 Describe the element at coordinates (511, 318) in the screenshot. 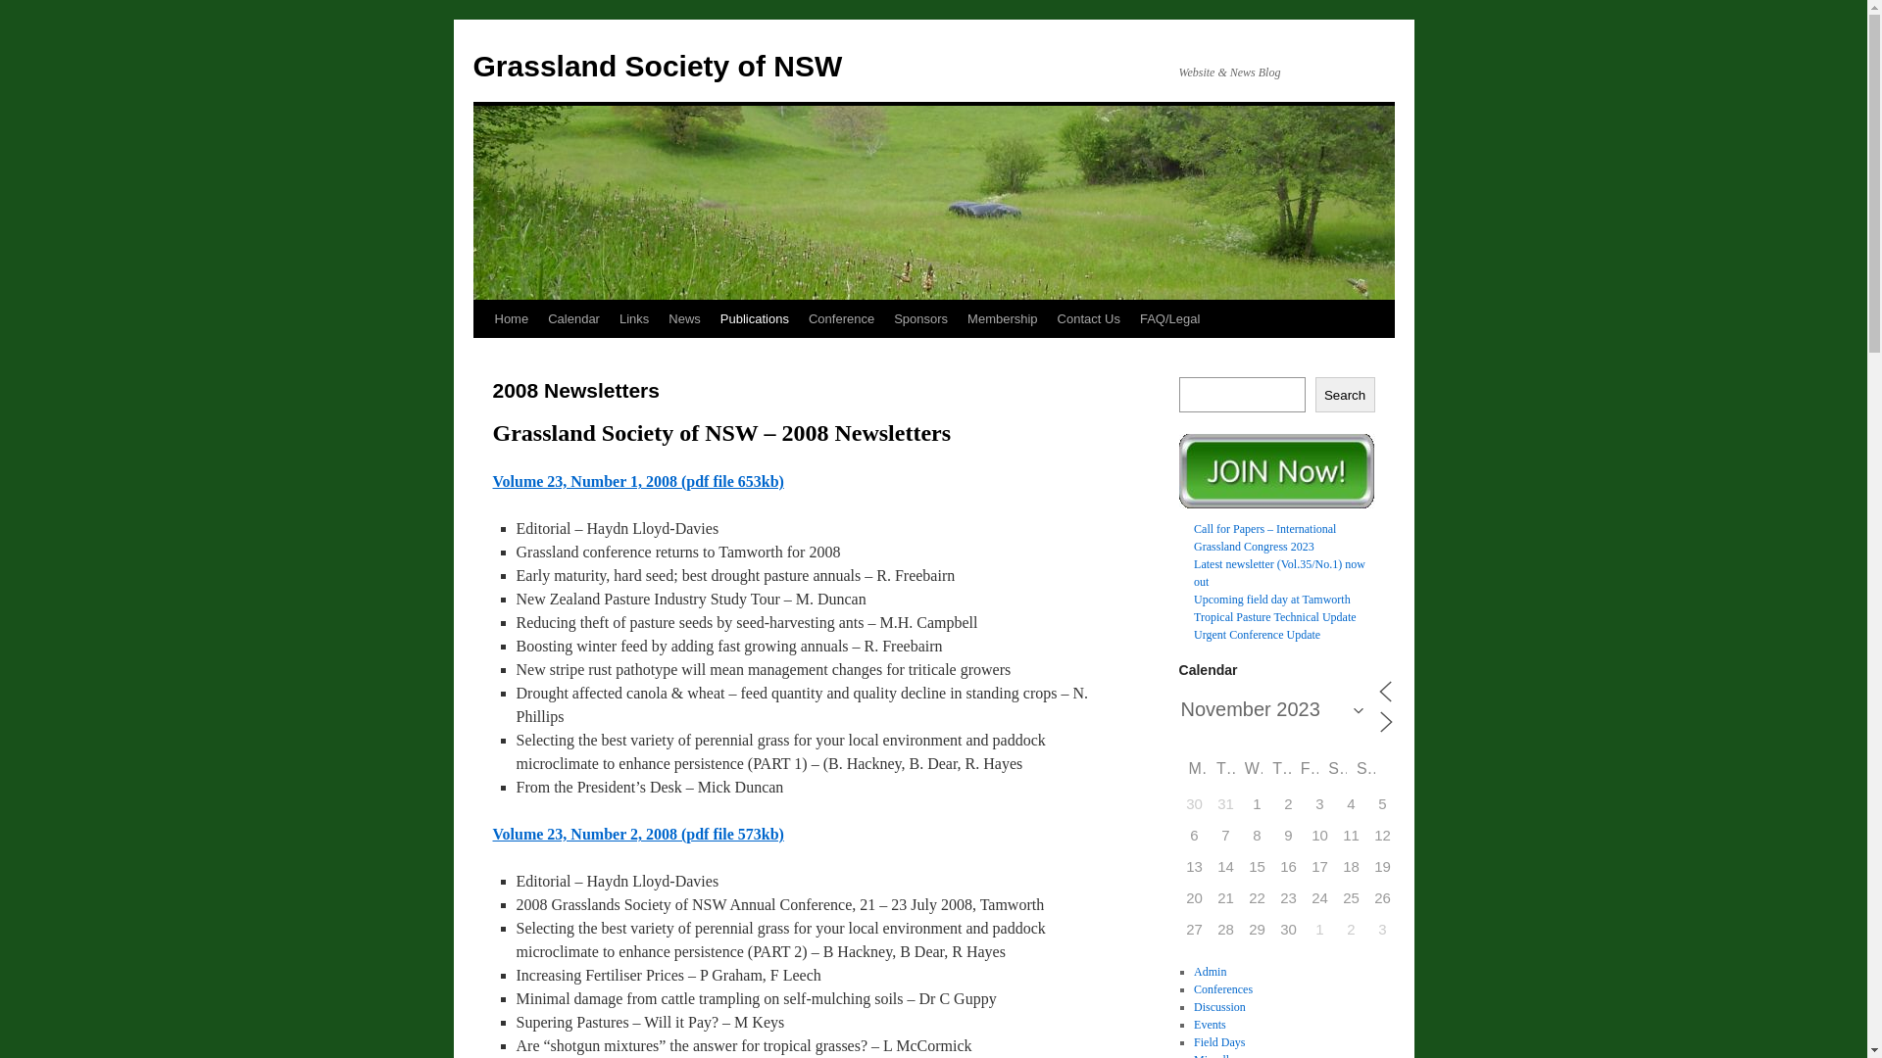

I see `'Home'` at that location.